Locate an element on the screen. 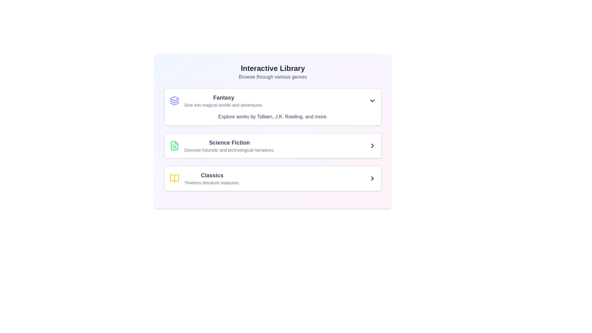 This screenshot has width=592, height=333. the 'Fantasy' text label which is prominently displayed in a large, bold font on a white background, located at the top of the card layout is located at coordinates (223, 97).